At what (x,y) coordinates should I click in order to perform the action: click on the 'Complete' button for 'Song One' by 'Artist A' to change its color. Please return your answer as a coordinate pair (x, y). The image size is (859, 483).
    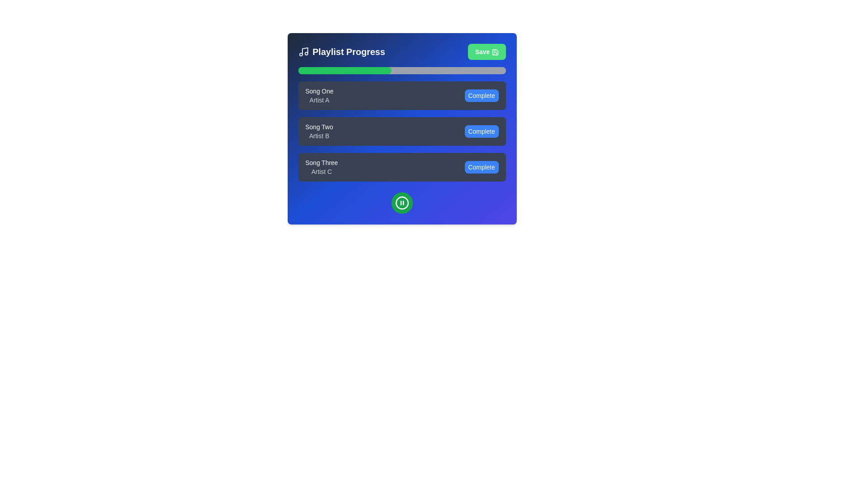
    Looking at the image, I should click on (481, 95).